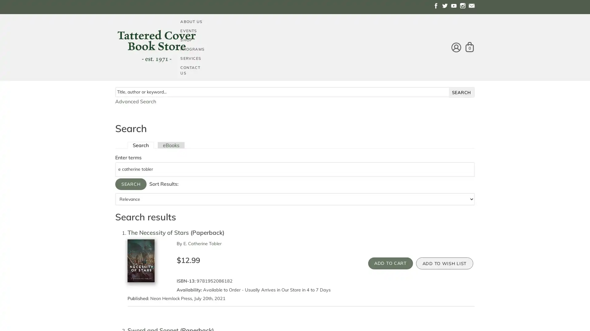  I want to click on Search, so click(131, 184).